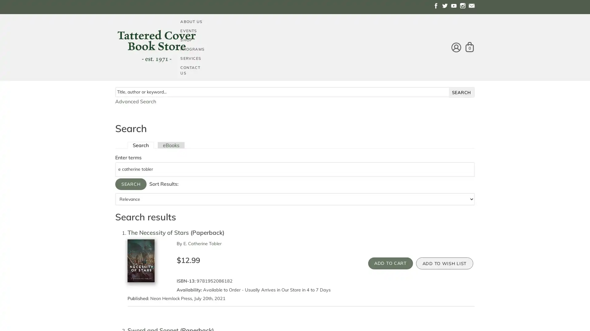  I want to click on Search, so click(131, 184).